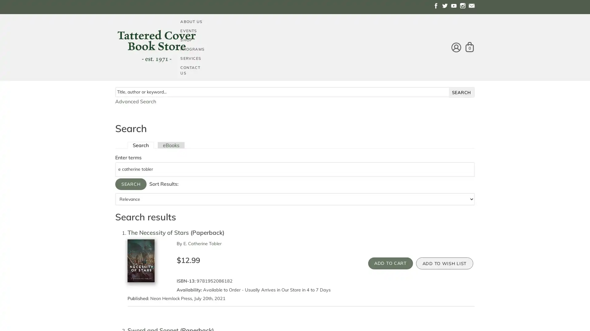  I want to click on Search, so click(131, 184).